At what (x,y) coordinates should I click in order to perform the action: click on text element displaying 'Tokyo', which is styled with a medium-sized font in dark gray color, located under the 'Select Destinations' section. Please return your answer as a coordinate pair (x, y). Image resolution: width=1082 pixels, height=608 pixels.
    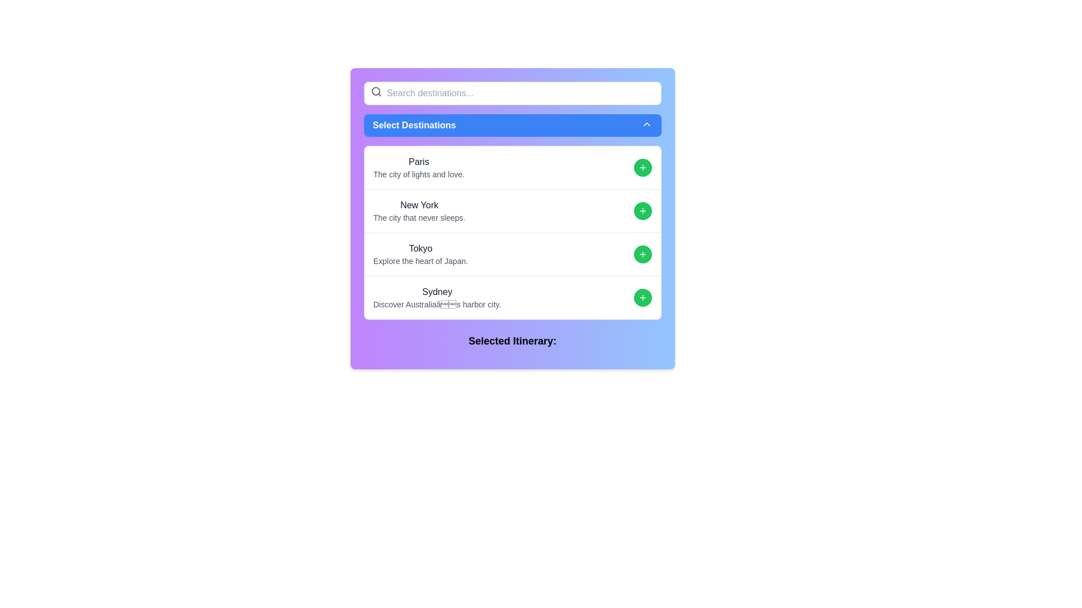
    Looking at the image, I should click on (420, 248).